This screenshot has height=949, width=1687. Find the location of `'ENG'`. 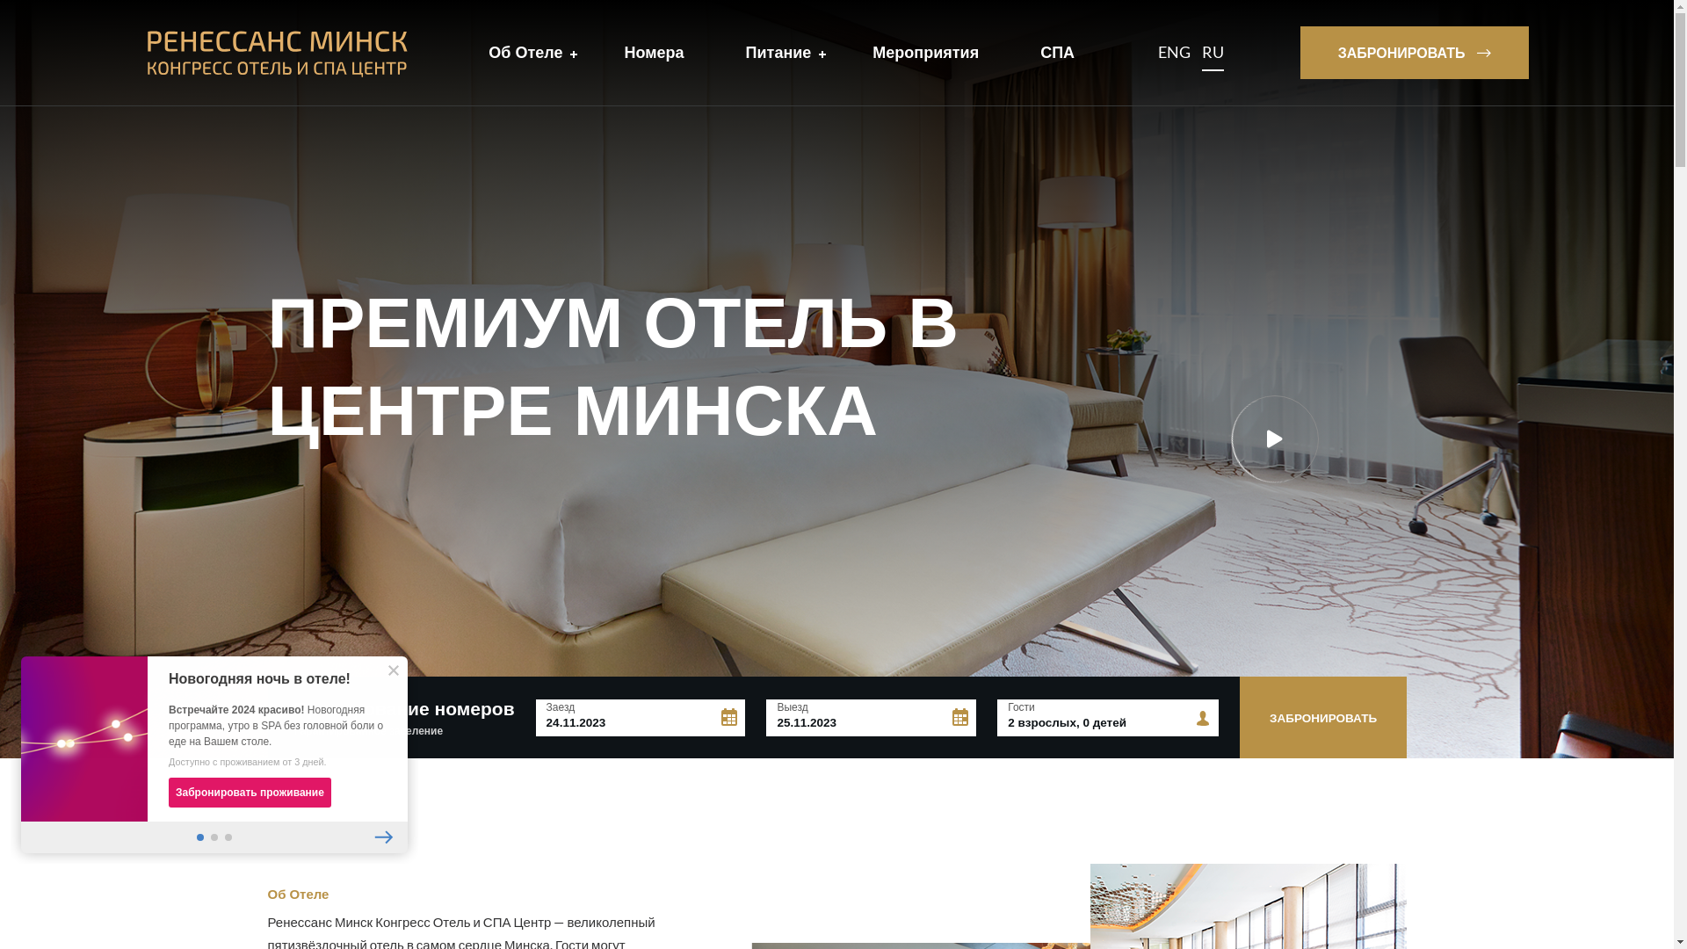

'ENG' is located at coordinates (1158, 52).